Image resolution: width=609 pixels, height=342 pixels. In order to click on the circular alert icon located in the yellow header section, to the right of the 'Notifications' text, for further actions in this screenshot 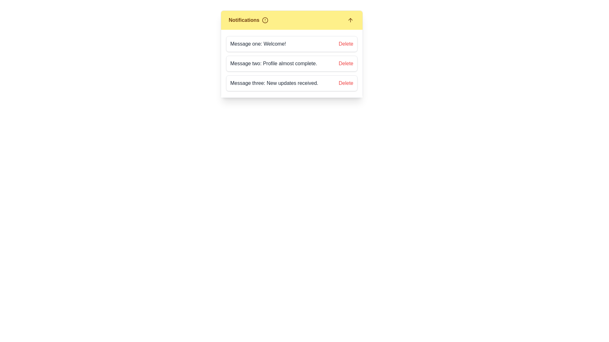, I will do `click(265, 20)`.